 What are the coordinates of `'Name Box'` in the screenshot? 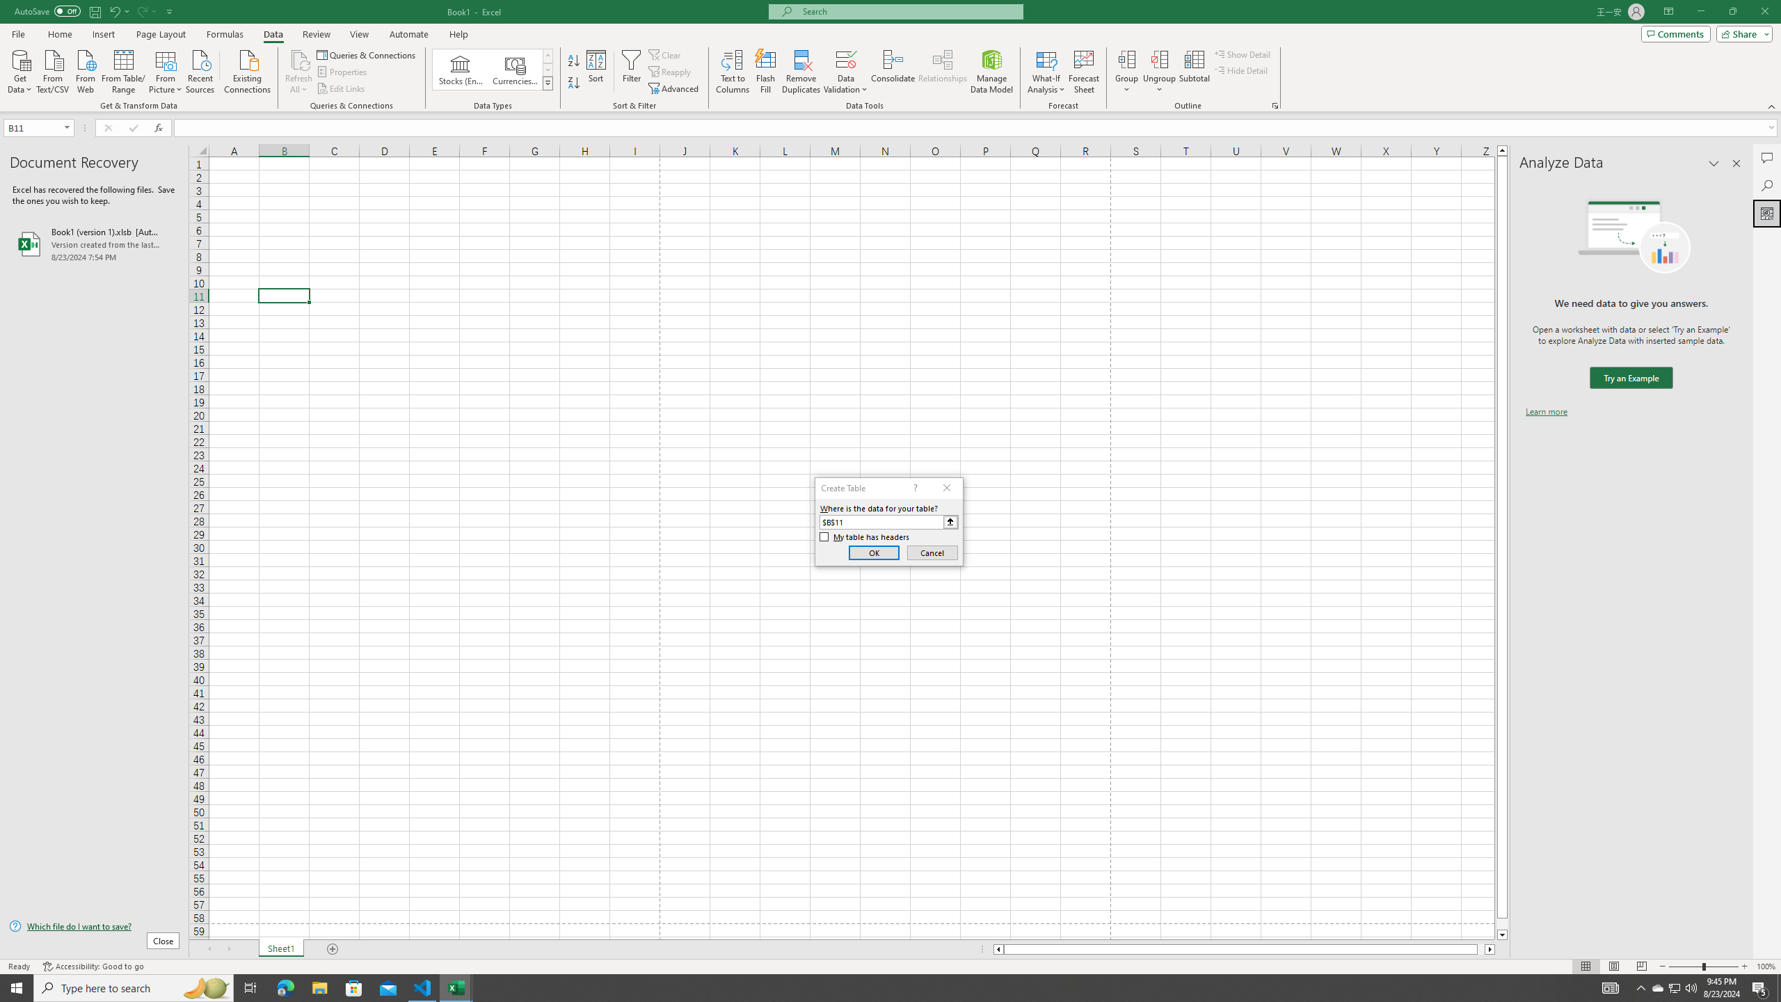 It's located at (38, 127).